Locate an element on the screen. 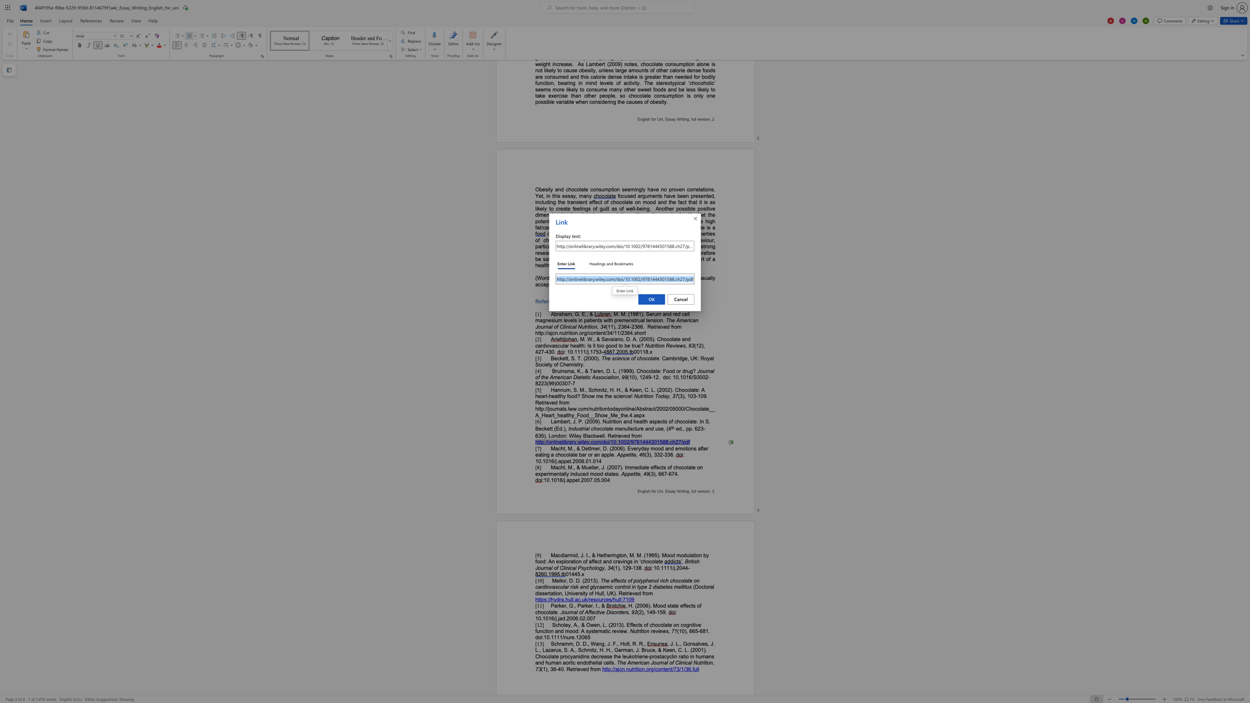 This screenshot has height=703, width=1250. the 1th character "(" in the text is located at coordinates (583, 580).